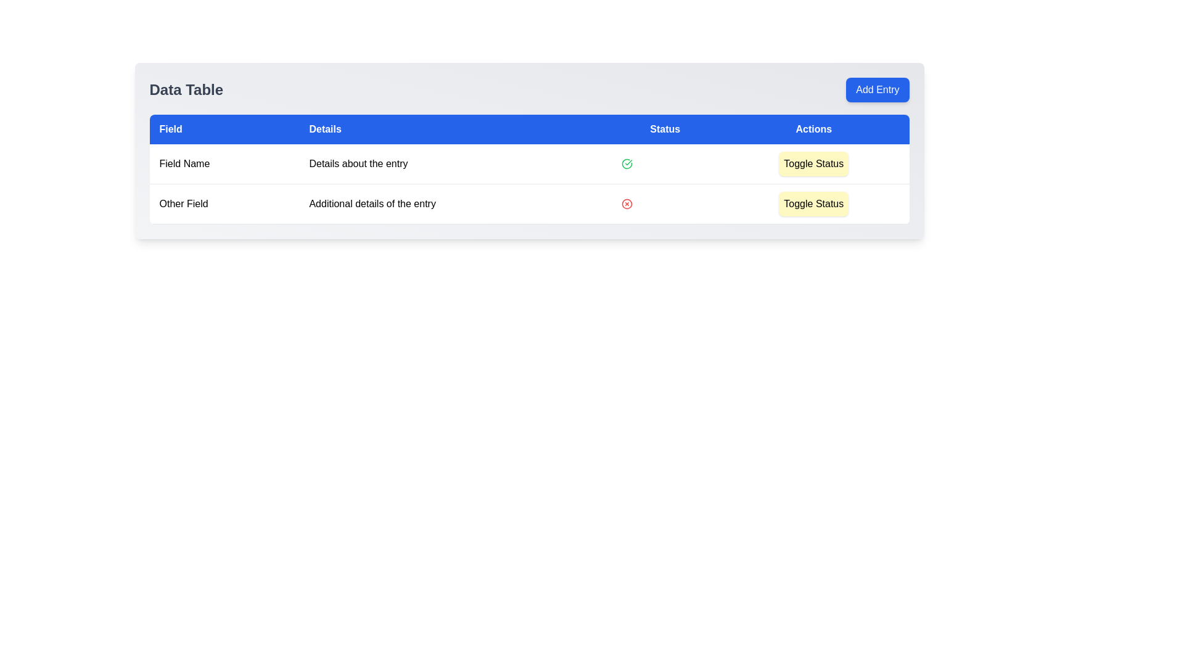 This screenshot has height=666, width=1184. I want to click on the yellow button labeled 'Toggle Status' to change its appearance, so click(813, 203).